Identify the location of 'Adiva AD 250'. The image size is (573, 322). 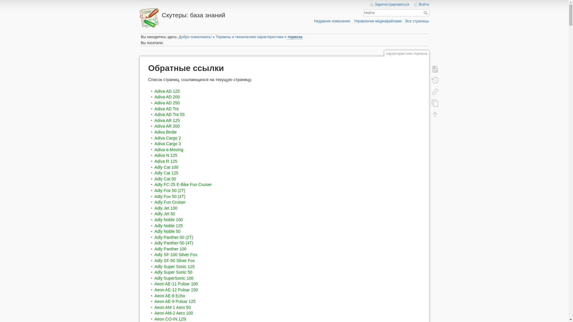
(167, 102).